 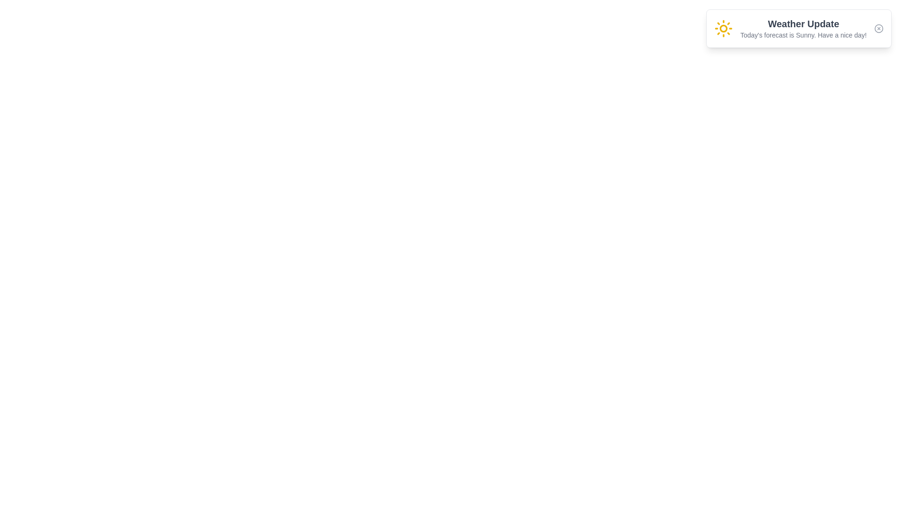 I want to click on the Text Label that serves as a title for the weather-related information, located above the text 'Today's forecast is Sunny. Have a nice day!' in the top-right part of the interface, so click(x=803, y=23).